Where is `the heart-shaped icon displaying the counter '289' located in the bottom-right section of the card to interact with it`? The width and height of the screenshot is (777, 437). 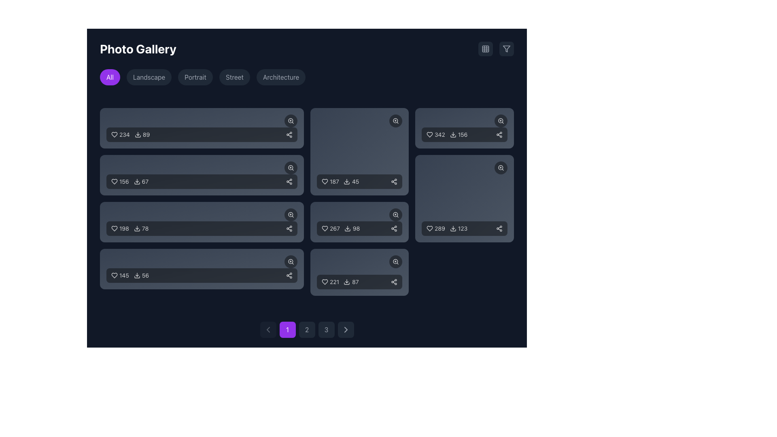
the heart-shaped icon displaying the counter '289' located in the bottom-right section of the card to interact with it is located at coordinates (435, 228).